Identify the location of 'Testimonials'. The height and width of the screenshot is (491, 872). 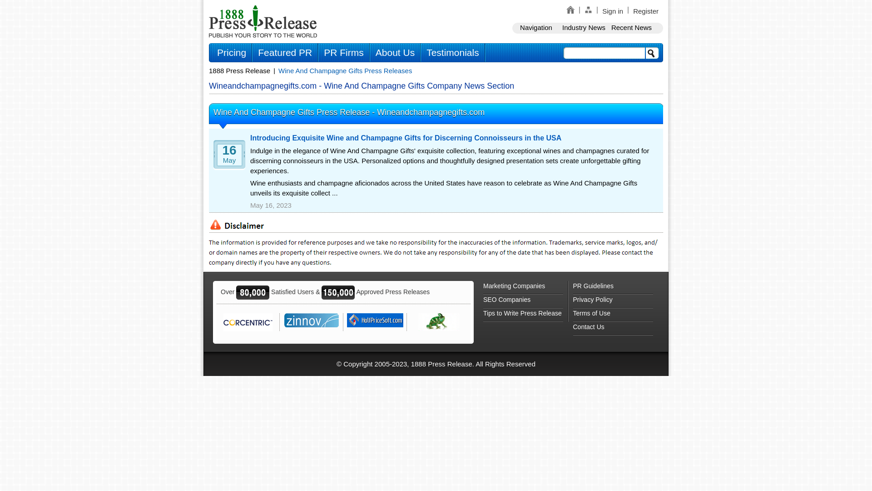
(453, 52).